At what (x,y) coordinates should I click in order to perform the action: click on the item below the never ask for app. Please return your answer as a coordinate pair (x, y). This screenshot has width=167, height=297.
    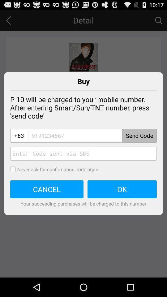
    Looking at the image, I should click on (122, 189).